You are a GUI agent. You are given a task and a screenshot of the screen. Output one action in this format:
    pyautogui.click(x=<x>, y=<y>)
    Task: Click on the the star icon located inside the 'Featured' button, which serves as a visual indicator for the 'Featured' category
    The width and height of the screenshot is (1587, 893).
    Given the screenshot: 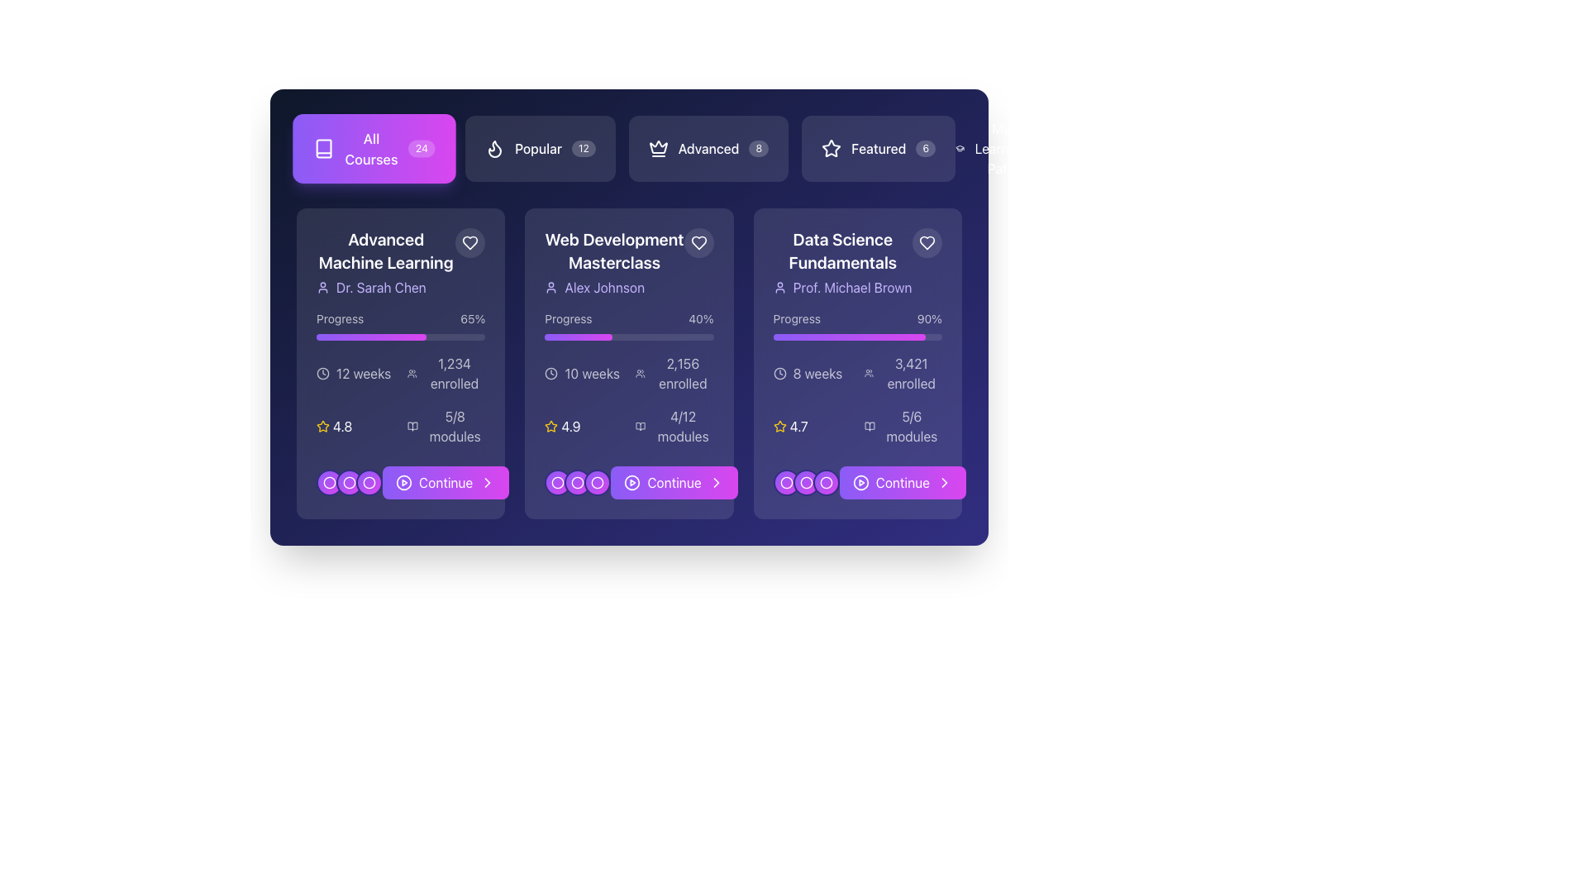 What is the action you would take?
    pyautogui.click(x=832, y=147)
    